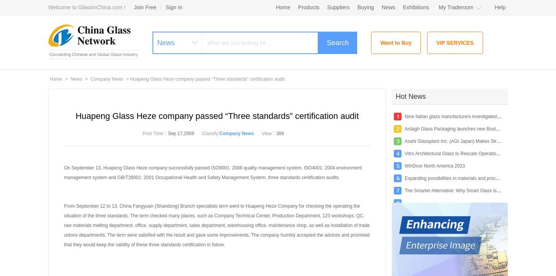 Image resolution: width=556 pixels, height=276 pixels. What do you see at coordinates (463, 153) in the screenshot?
I see `'Vitro Architectural Glass to Rescale Operations in Carlisle'` at bounding box center [463, 153].